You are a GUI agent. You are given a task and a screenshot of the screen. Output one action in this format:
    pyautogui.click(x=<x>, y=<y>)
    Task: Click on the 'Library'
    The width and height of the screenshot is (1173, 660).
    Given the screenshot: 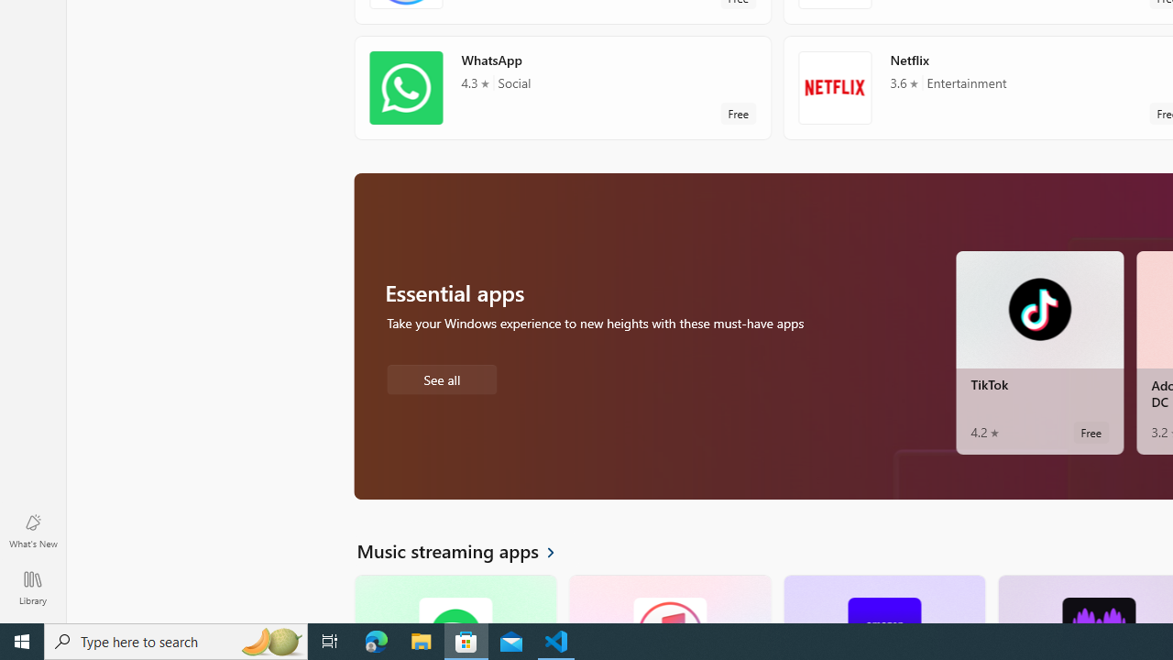 What is the action you would take?
    pyautogui.click(x=32, y=587)
    